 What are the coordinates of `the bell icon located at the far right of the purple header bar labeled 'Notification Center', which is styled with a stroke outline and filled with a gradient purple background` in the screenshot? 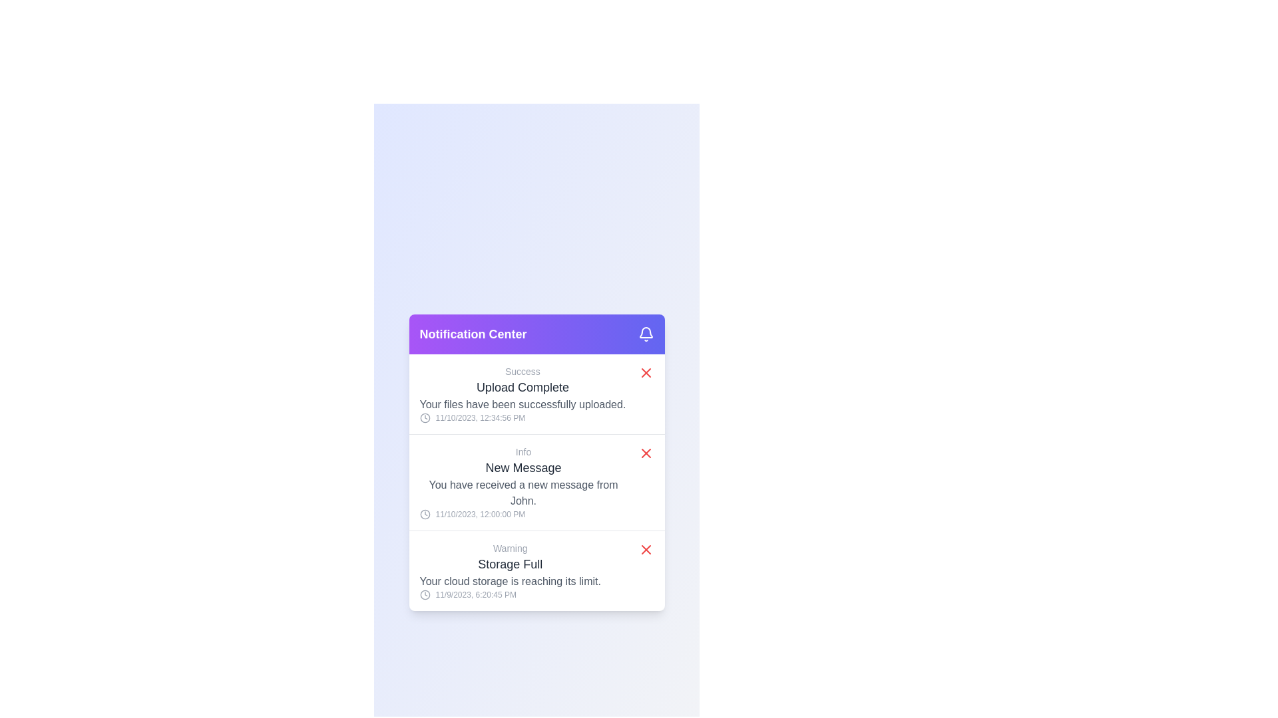 It's located at (646, 333).